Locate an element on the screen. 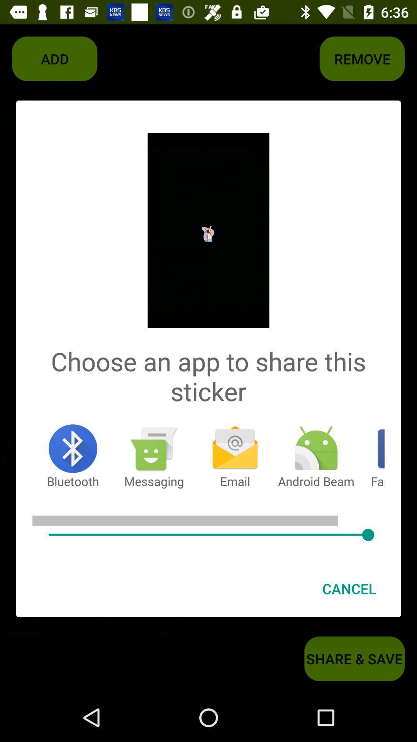 The height and width of the screenshot is (742, 417). cancel item is located at coordinates (349, 588).